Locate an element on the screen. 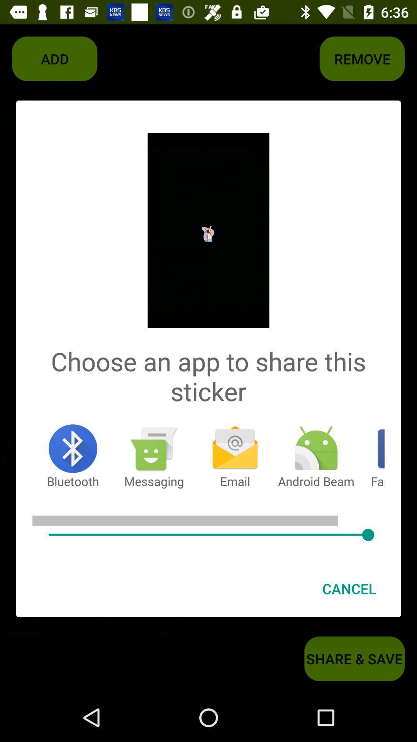 The height and width of the screenshot is (742, 417). cancel item is located at coordinates (349, 588).